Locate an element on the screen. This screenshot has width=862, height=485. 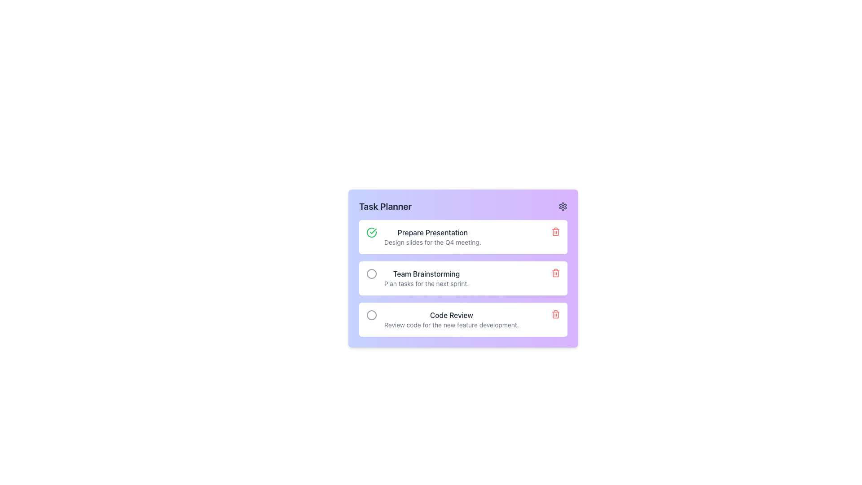
the red trash can icon button located in the top-right corner of the 'Team Brainstorming' card is located at coordinates (555, 273).